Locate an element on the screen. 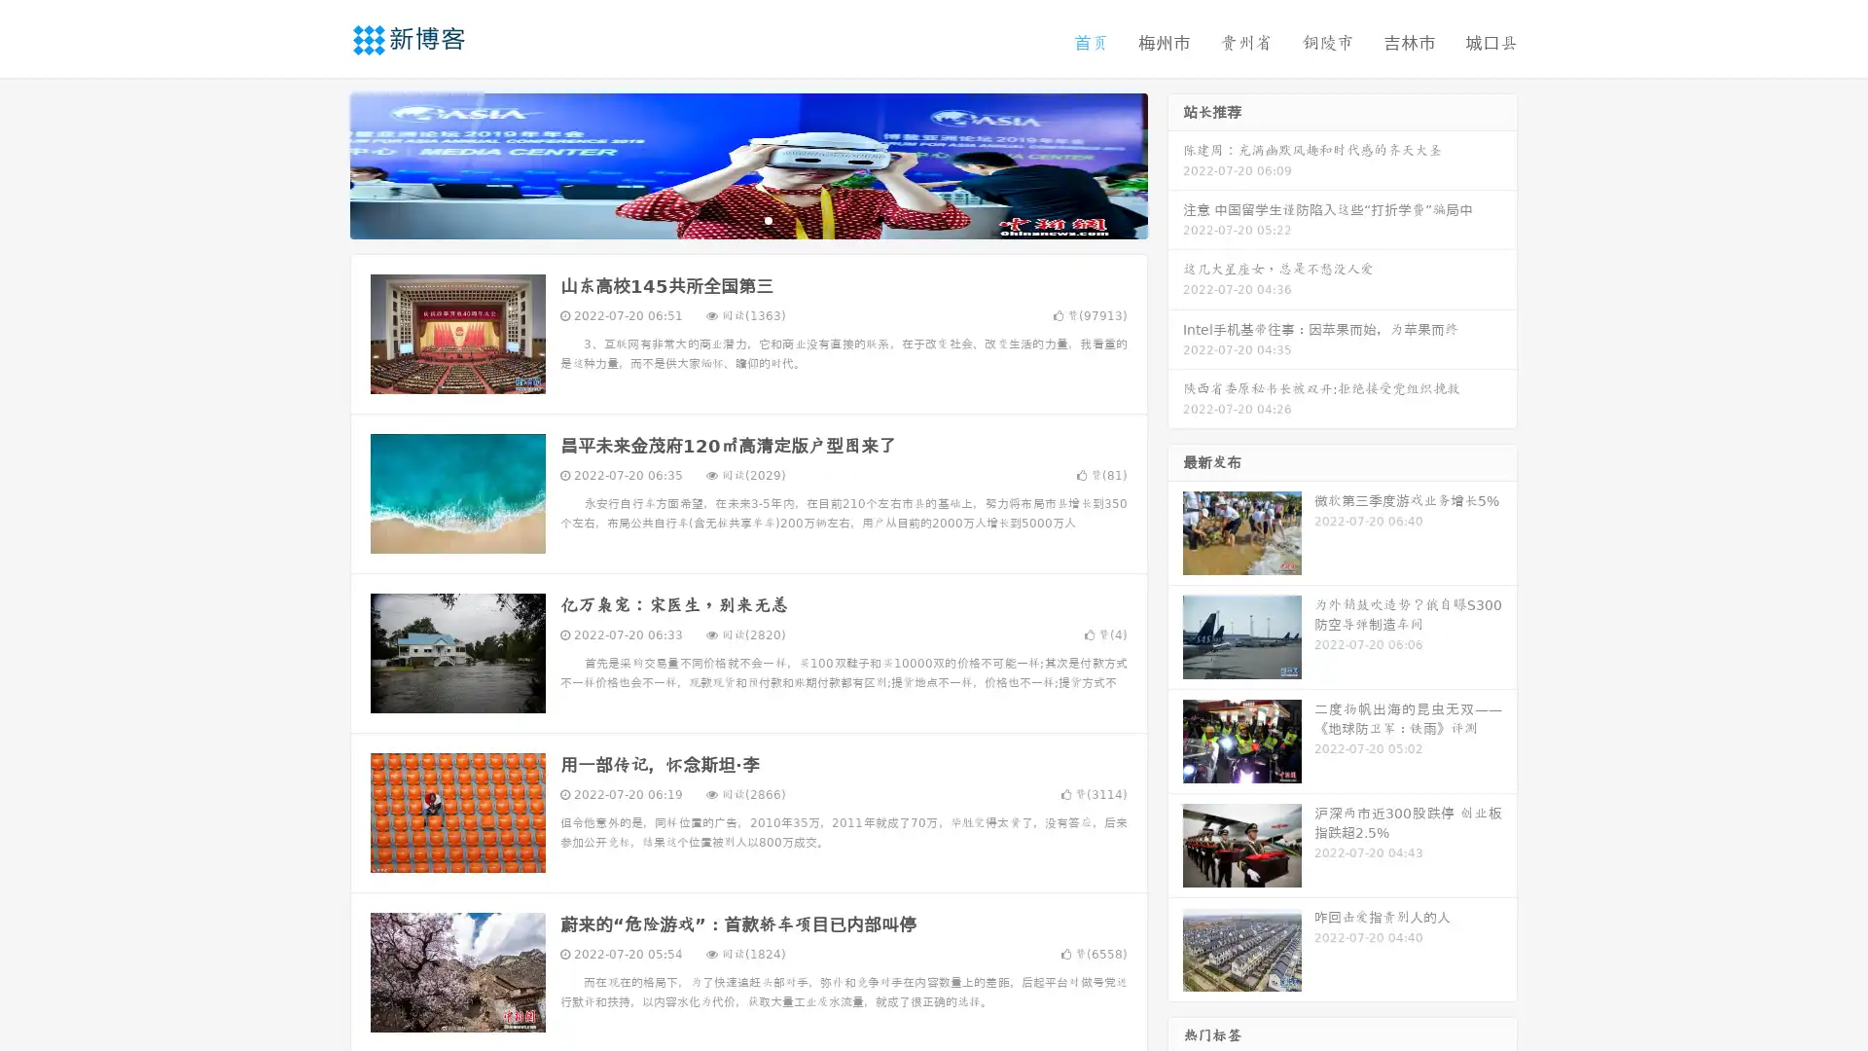 This screenshot has height=1051, width=1868. Go to slide 1 is located at coordinates (728, 219).